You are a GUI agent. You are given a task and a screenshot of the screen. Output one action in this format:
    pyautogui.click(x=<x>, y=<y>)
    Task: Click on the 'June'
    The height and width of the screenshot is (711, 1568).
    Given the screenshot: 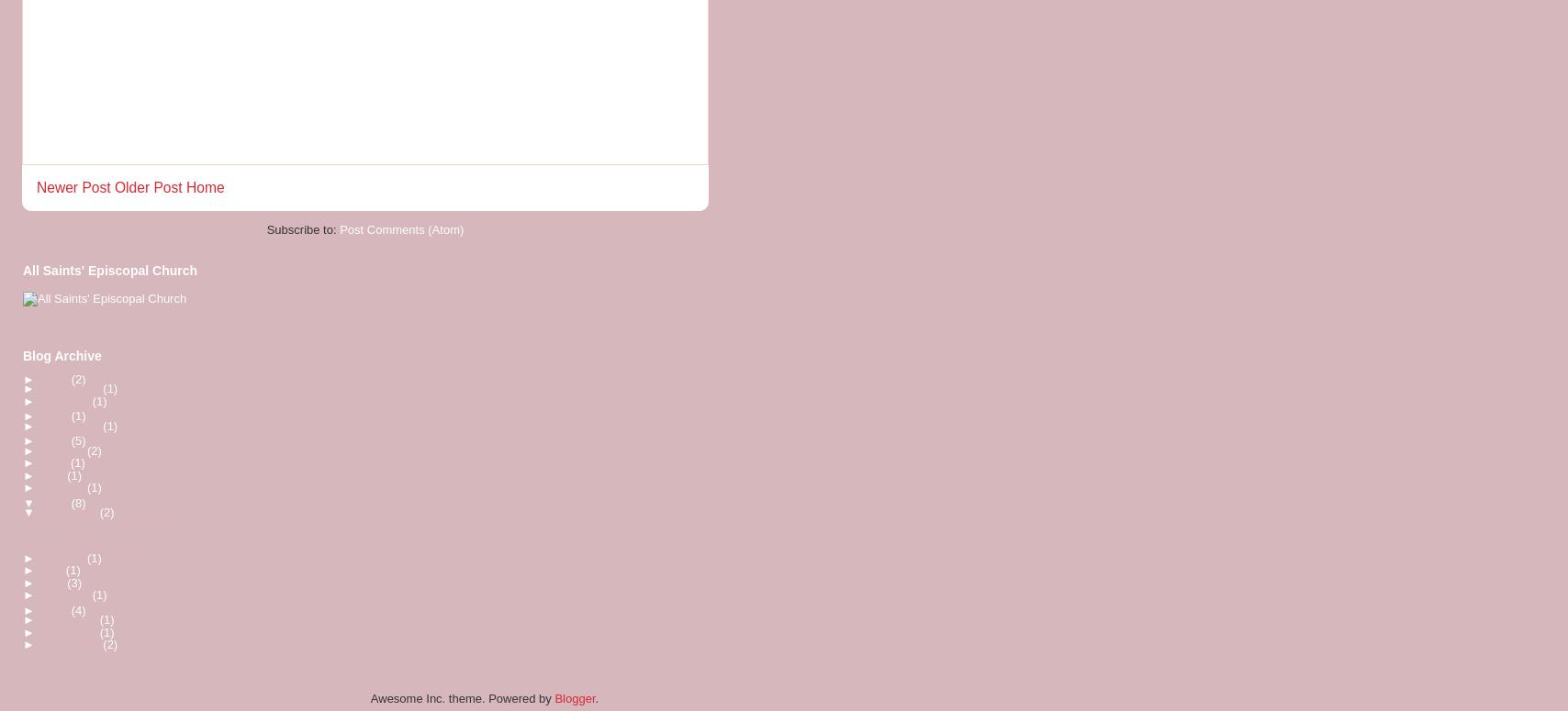 What is the action you would take?
    pyautogui.click(x=54, y=461)
    